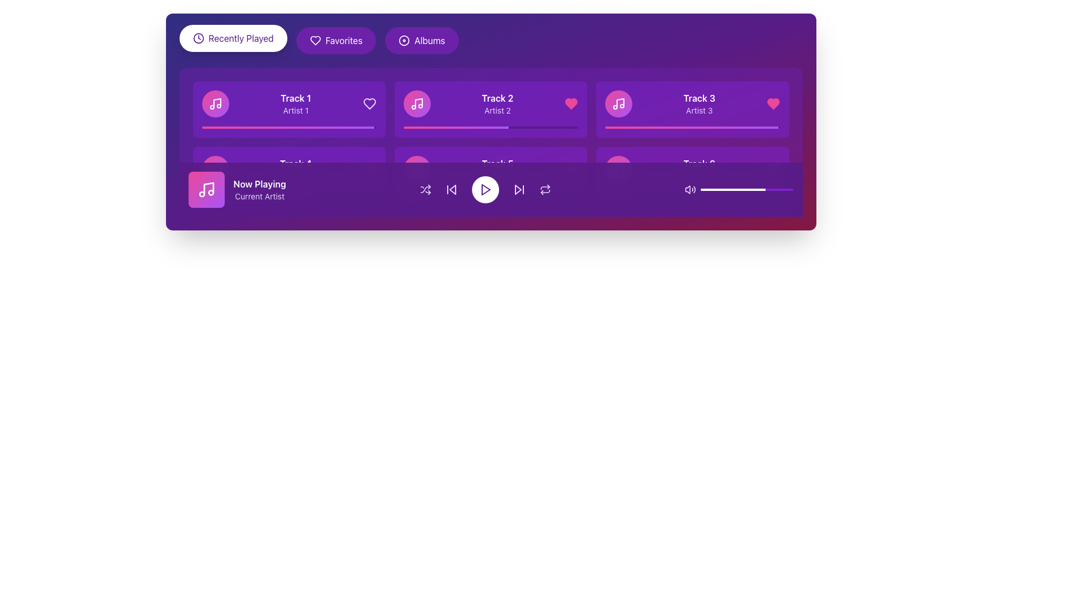  I want to click on the progress bar fill for 'Track 2' by 'Artist 2', which is a horizontal bar with a gradient from pink to purple, located in the second track card of the music interface, so click(456, 127).